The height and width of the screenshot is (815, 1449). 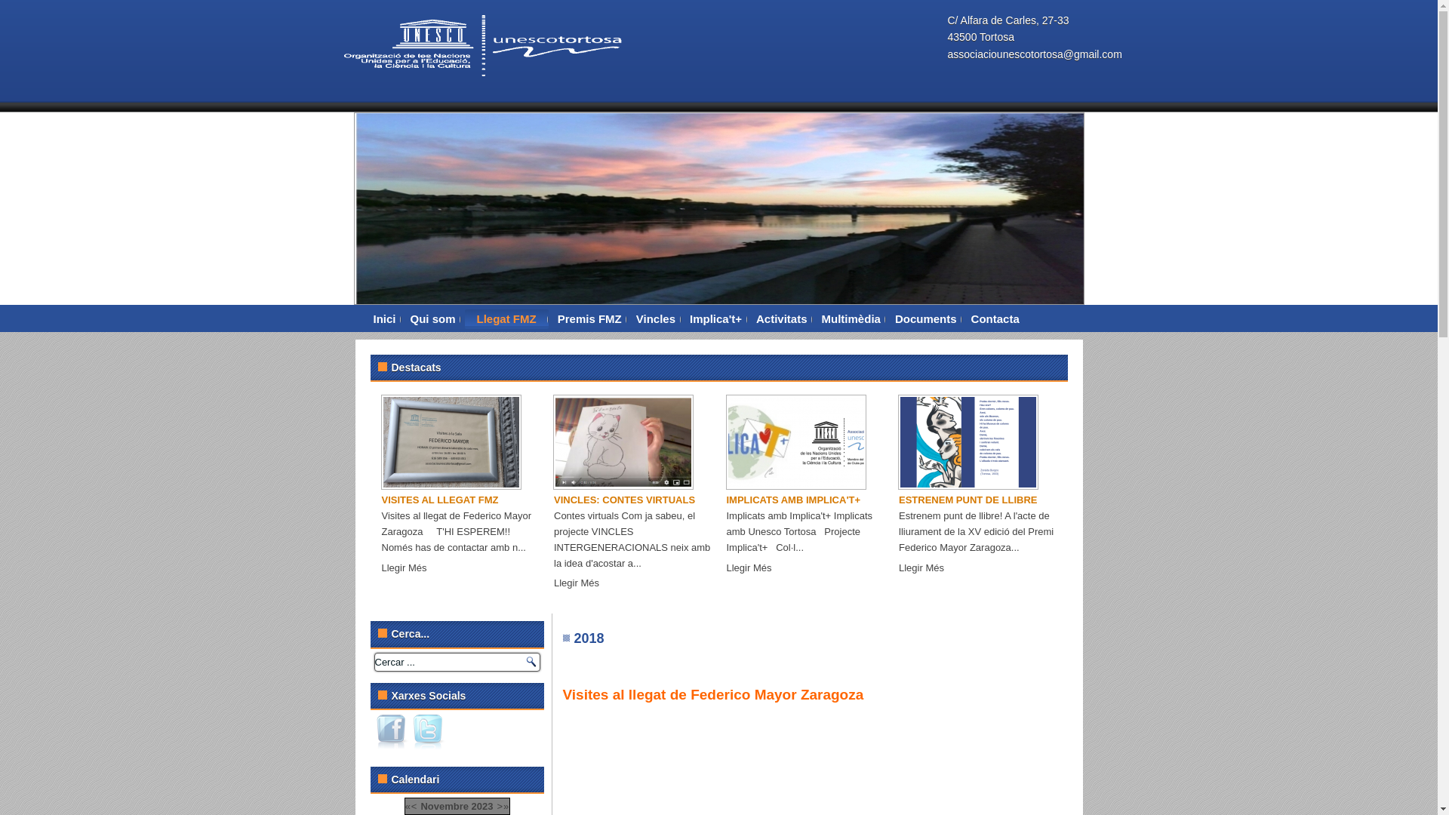 What do you see at coordinates (715, 318) in the screenshot?
I see `'Implica't+'` at bounding box center [715, 318].